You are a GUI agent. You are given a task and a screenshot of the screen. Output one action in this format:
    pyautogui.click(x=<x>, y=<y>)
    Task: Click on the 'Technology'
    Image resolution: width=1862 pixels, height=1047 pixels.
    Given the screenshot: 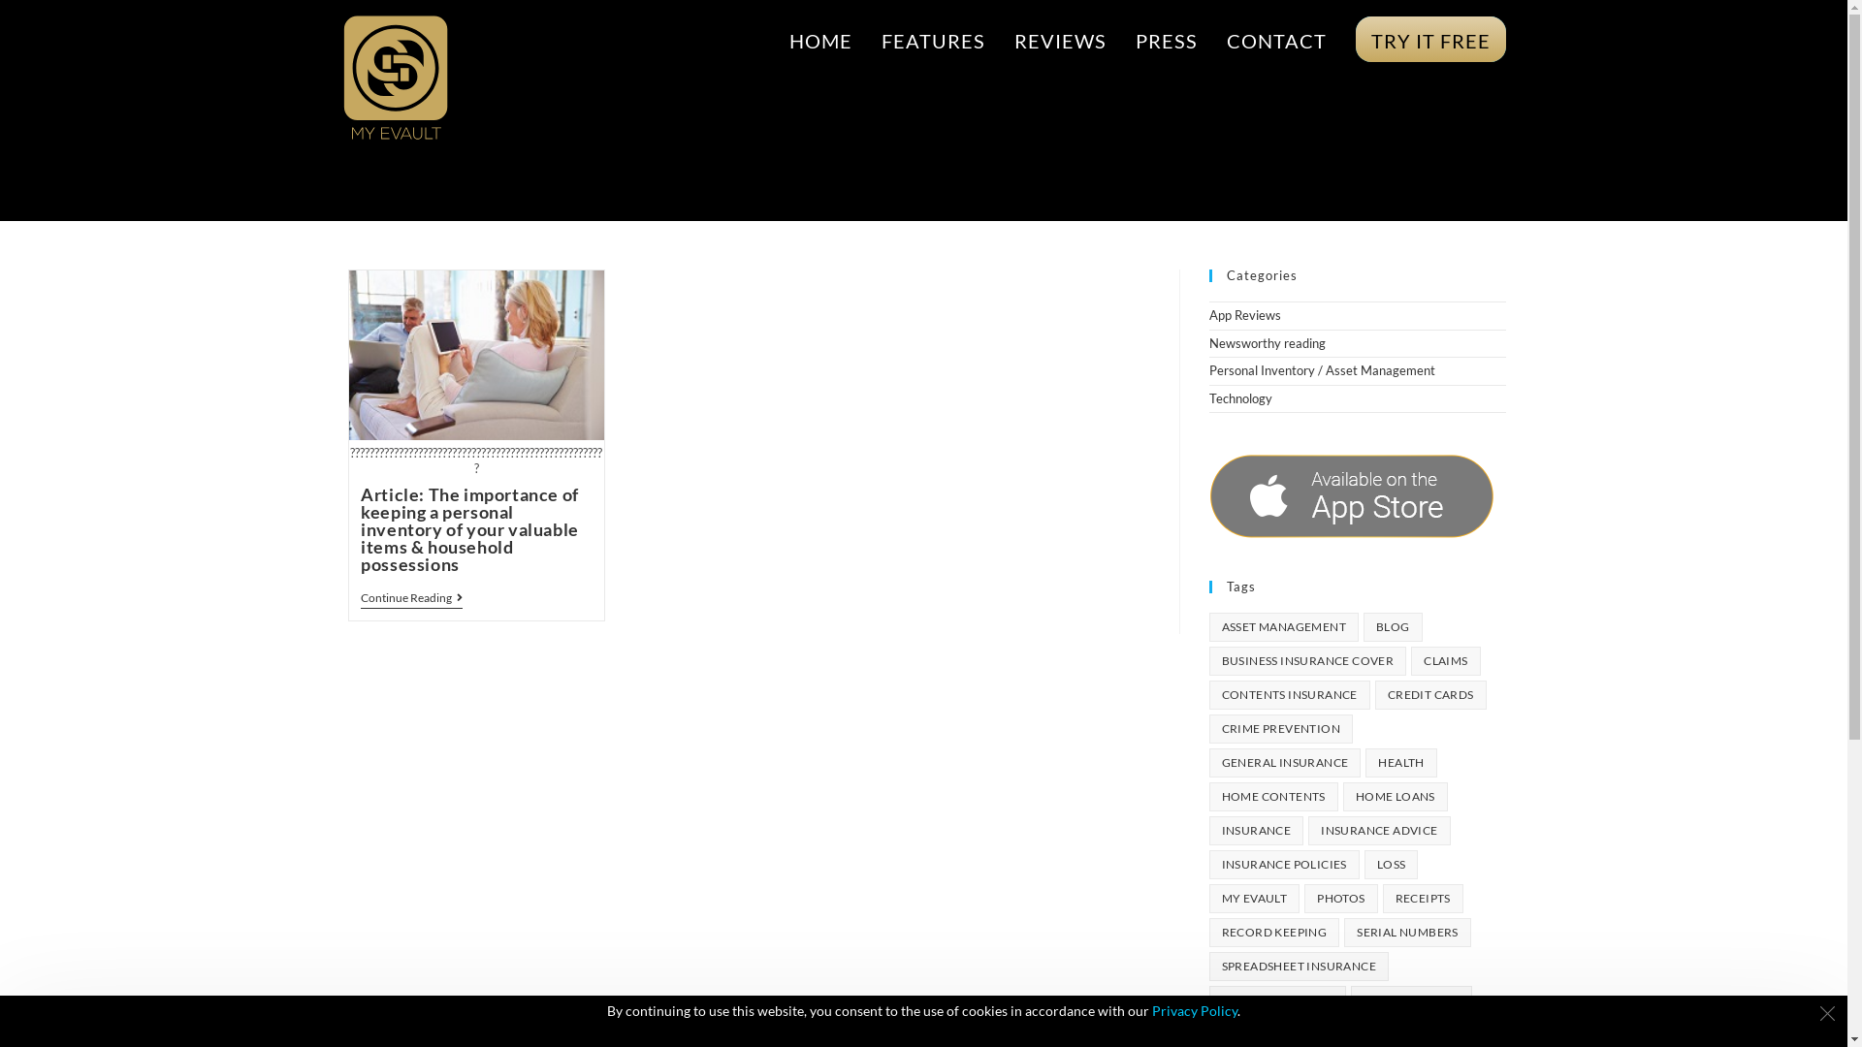 What is the action you would take?
    pyautogui.click(x=1238, y=397)
    